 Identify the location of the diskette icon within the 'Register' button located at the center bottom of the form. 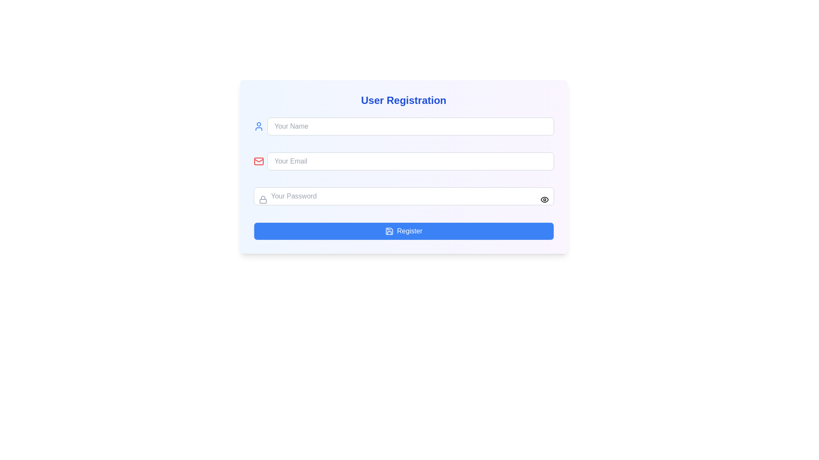
(389, 231).